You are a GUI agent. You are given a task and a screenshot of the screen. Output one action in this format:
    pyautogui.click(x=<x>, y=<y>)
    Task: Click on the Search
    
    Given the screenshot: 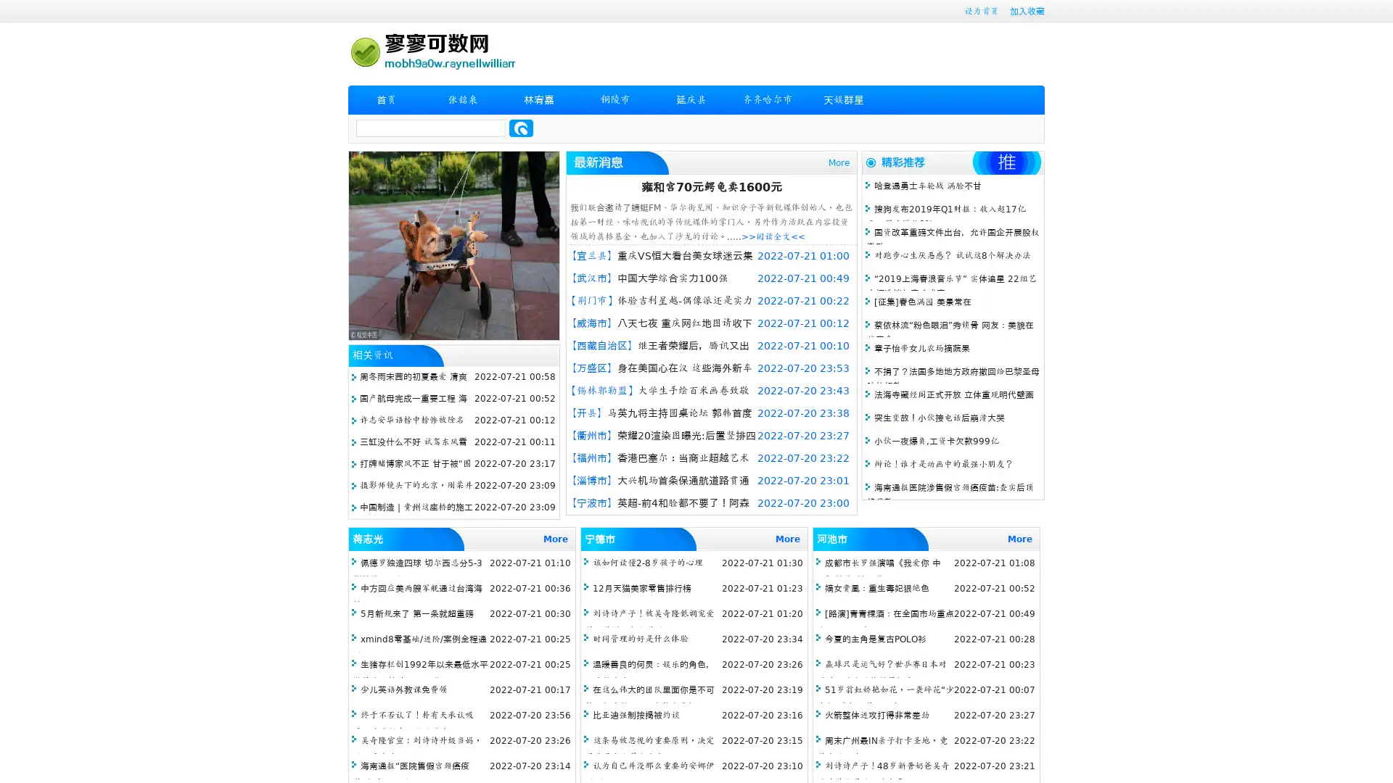 What is the action you would take?
    pyautogui.click(x=521, y=128)
    